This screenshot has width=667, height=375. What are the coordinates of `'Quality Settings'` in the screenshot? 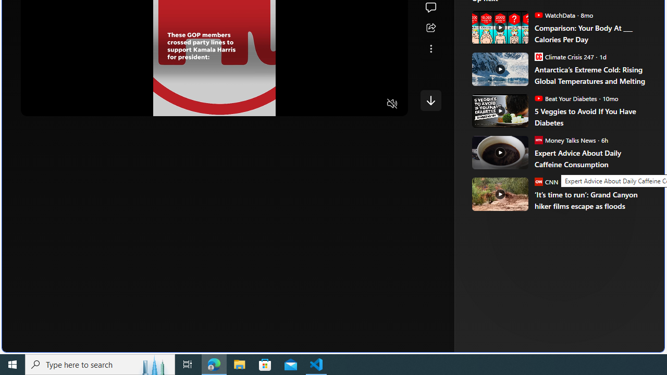 It's located at (330, 104).